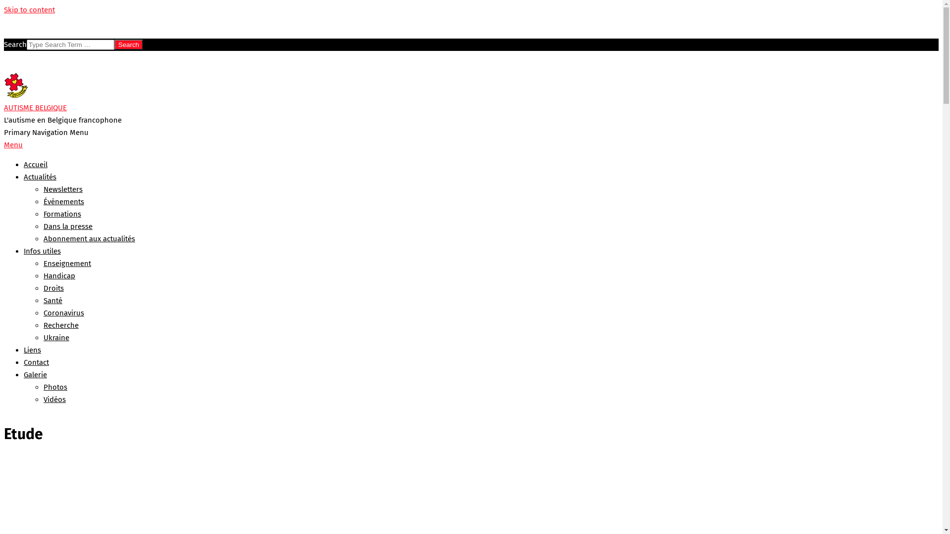 This screenshot has height=534, width=950. I want to click on 'Contact', so click(36, 362).